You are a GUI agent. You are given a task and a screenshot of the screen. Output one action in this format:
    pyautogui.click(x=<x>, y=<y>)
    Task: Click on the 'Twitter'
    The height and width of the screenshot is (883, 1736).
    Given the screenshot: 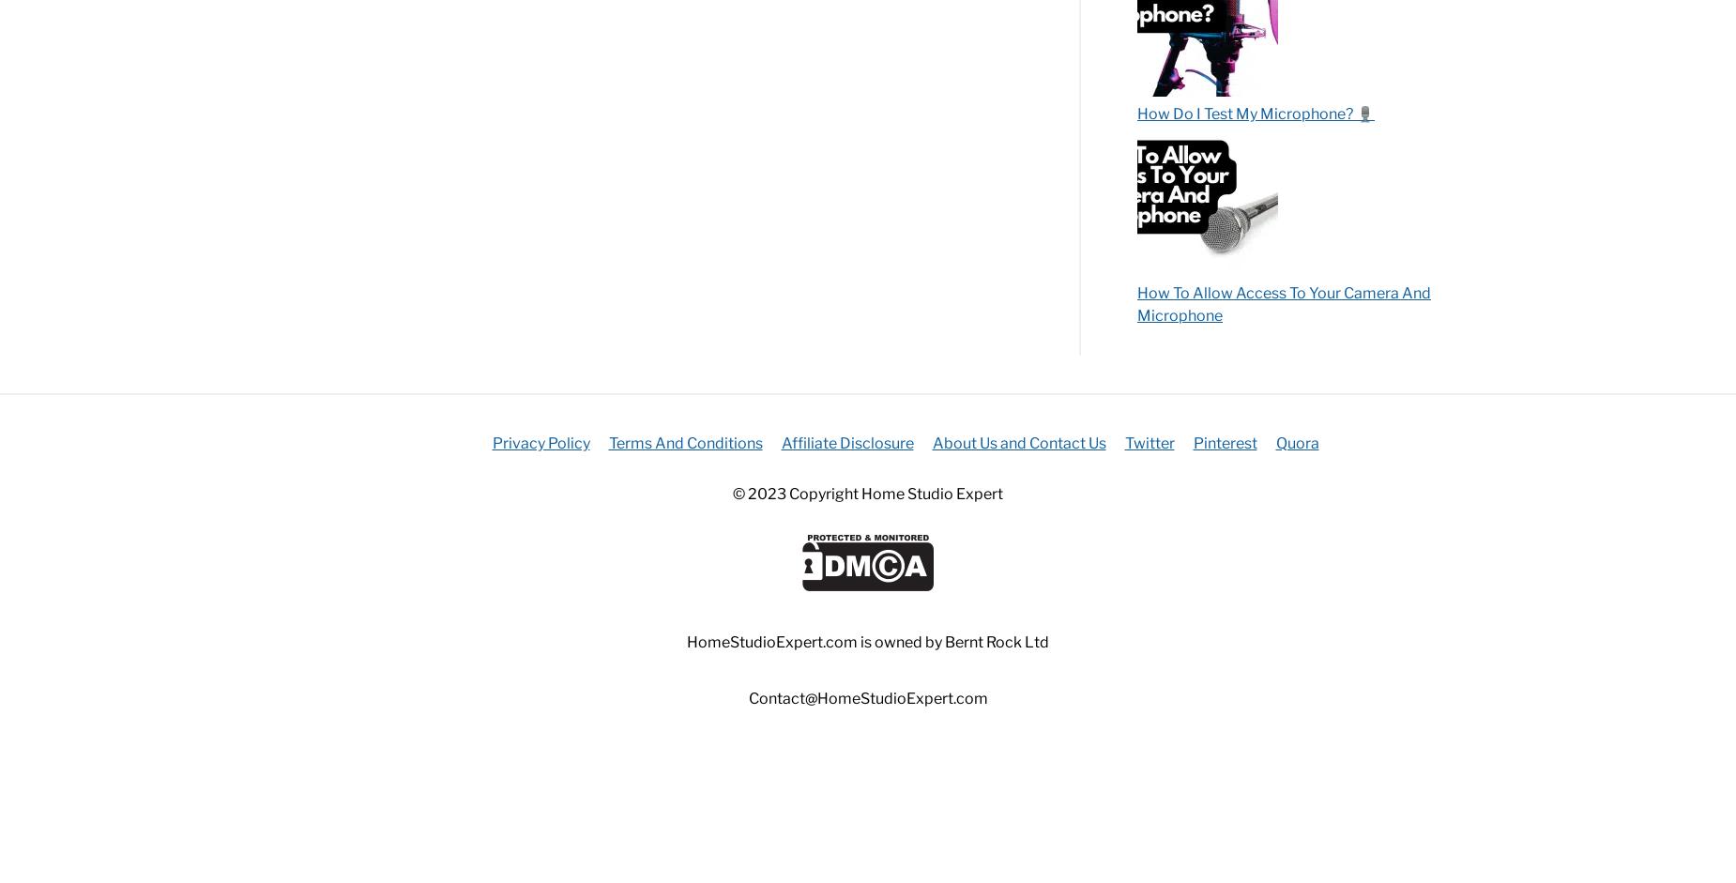 What is the action you would take?
    pyautogui.click(x=1148, y=441)
    